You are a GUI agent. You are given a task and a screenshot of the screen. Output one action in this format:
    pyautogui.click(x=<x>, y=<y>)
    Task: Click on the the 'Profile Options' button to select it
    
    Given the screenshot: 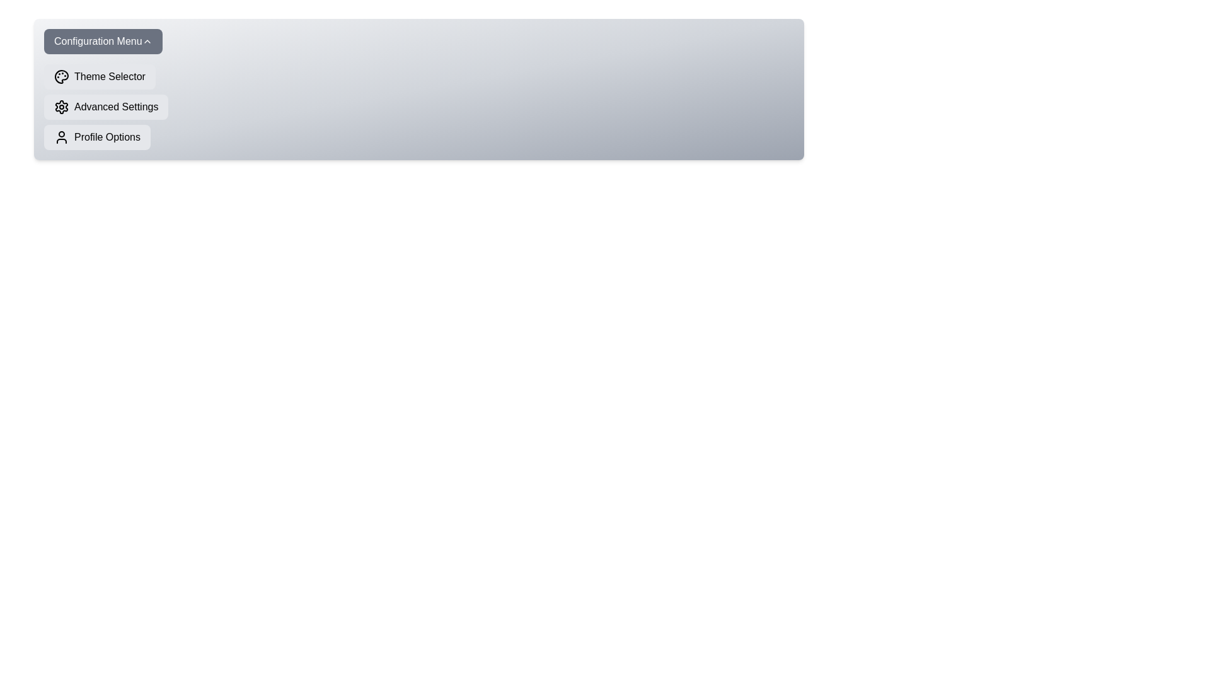 What is the action you would take?
    pyautogui.click(x=96, y=137)
    